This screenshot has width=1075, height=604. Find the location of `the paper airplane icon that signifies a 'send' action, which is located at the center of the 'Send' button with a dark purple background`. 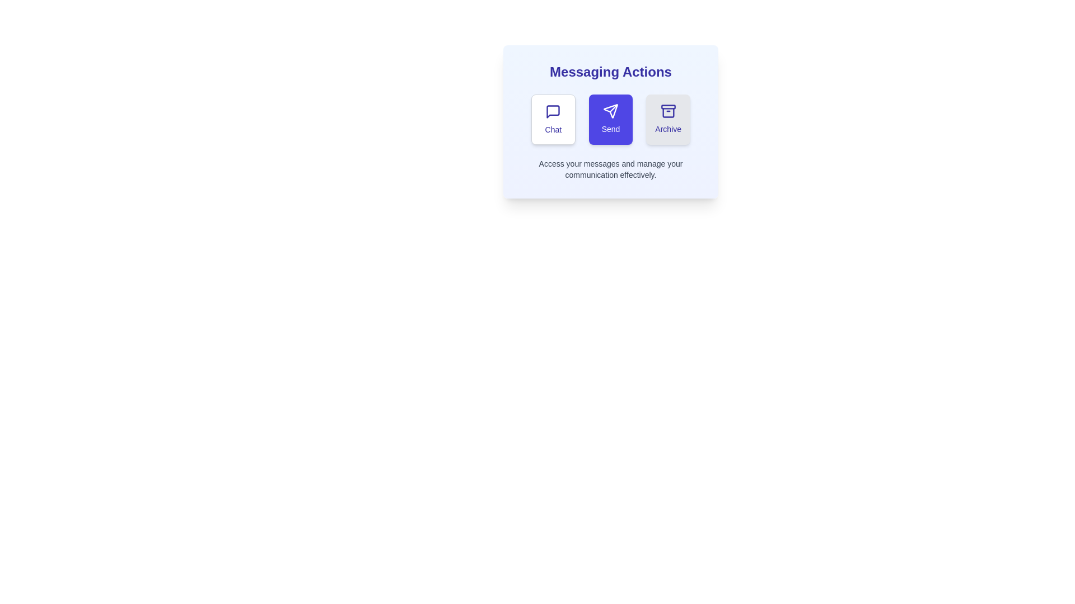

the paper airplane icon that signifies a 'send' action, which is located at the center of the 'Send' button with a dark purple background is located at coordinates (610, 111).